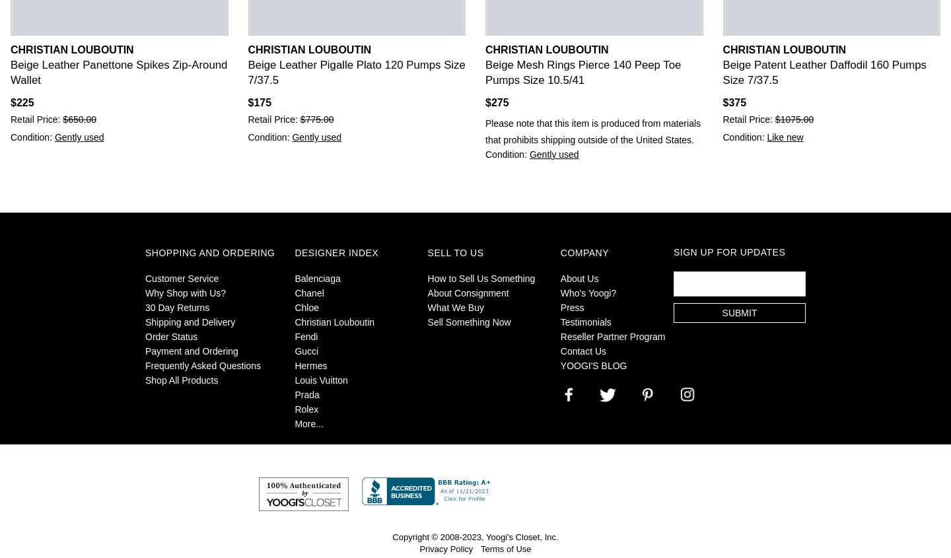 Image resolution: width=951 pixels, height=558 pixels. What do you see at coordinates (21, 102) in the screenshot?
I see `'$225'` at bounding box center [21, 102].